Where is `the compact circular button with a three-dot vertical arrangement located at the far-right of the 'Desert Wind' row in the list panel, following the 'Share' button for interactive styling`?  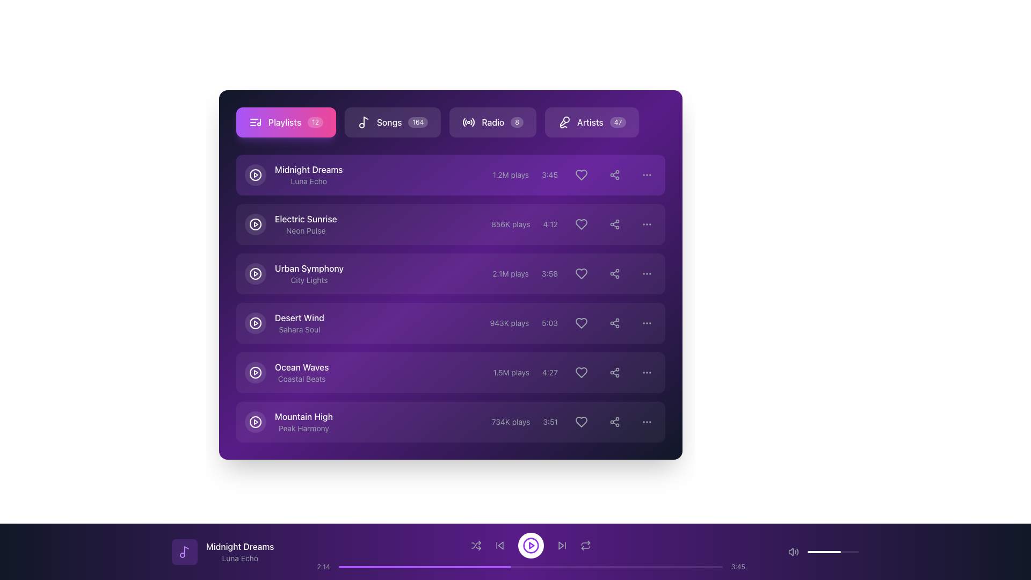
the compact circular button with a three-dot vertical arrangement located at the far-right of the 'Desert Wind' row in the list panel, following the 'Share' button for interactive styling is located at coordinates (646, 322).